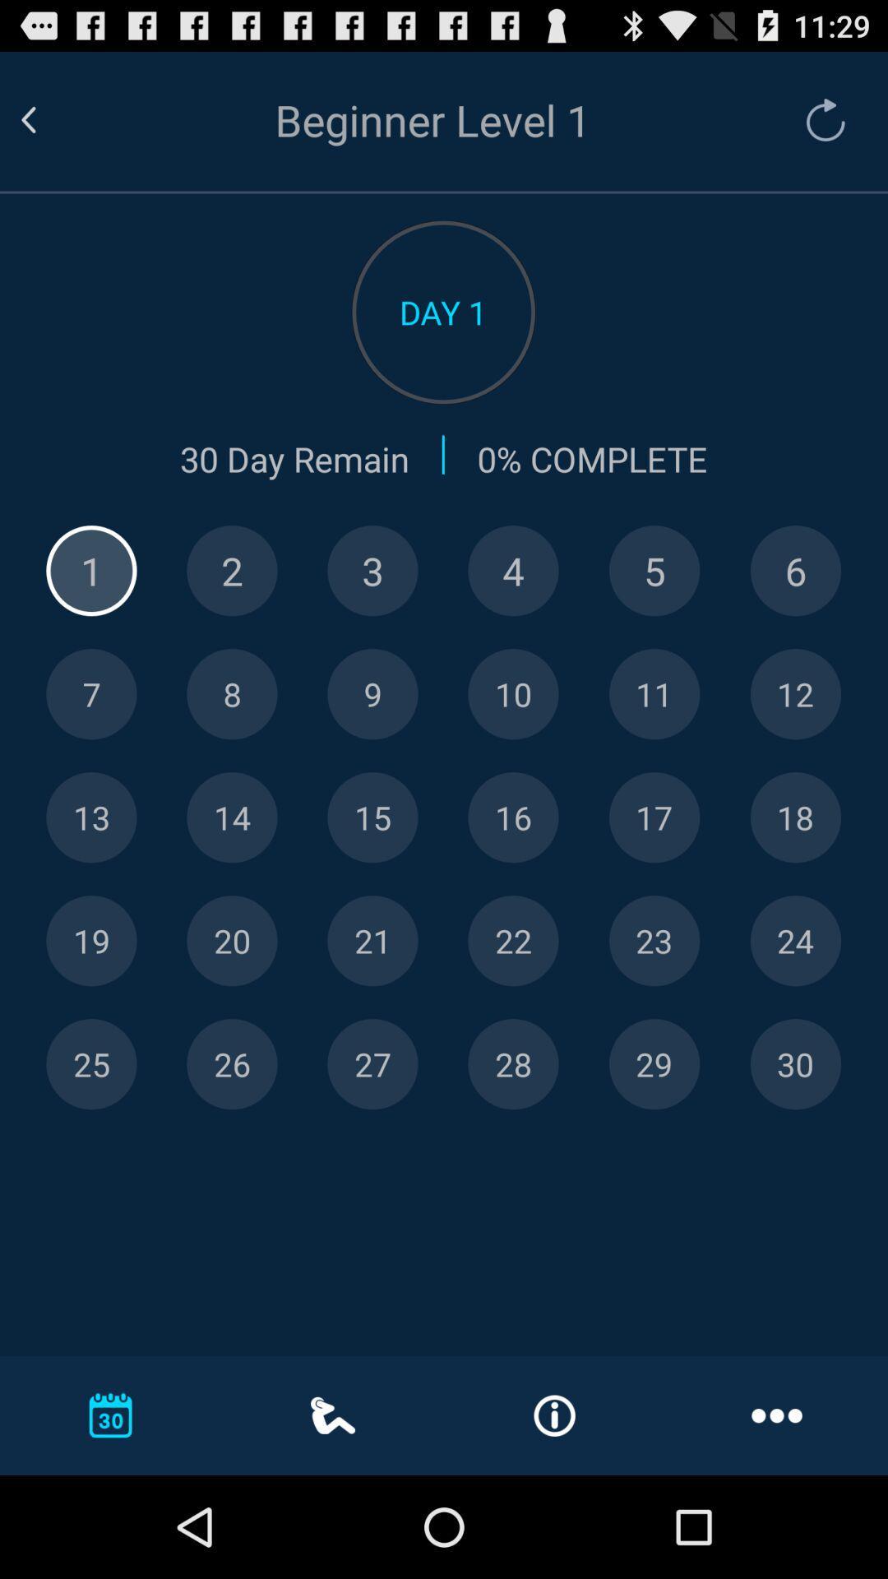 This screenshot has height=1579, width=888. Describe the element at coordinates (91, 694) in the screenshot. I see `7th day of training` at that location.